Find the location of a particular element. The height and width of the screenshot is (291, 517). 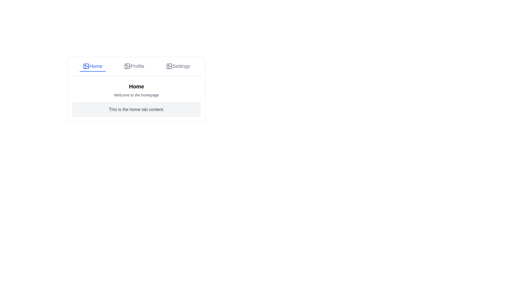

the 'Settings' tab, which is the last tab in the group of tabs labeled 'Home', 'Profile', and 'Settings' is located at coordinates (178, 66).